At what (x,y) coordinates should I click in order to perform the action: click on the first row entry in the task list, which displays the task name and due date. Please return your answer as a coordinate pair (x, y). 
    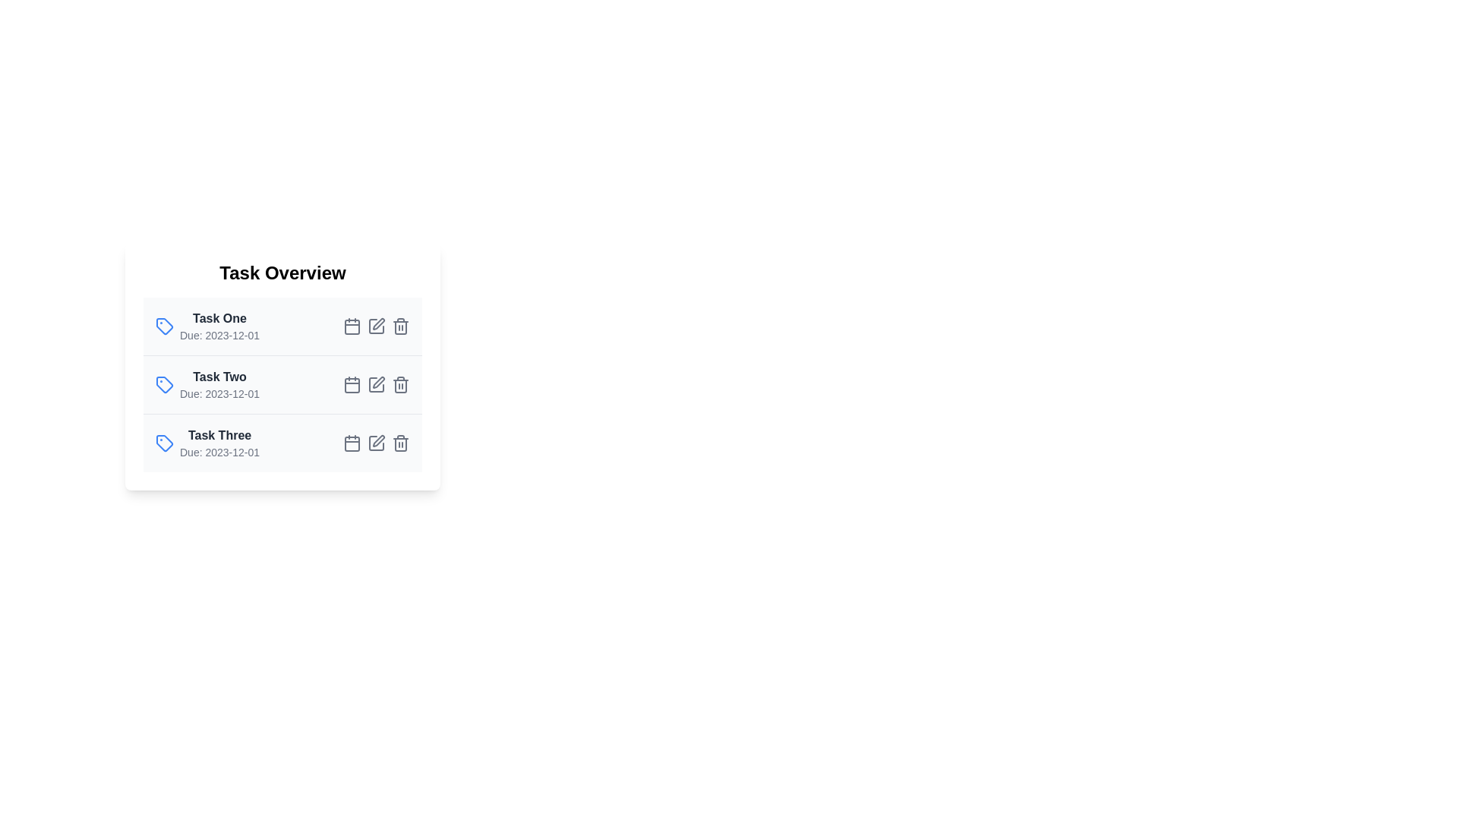
    Looking at the image, I should click on (282, 325).